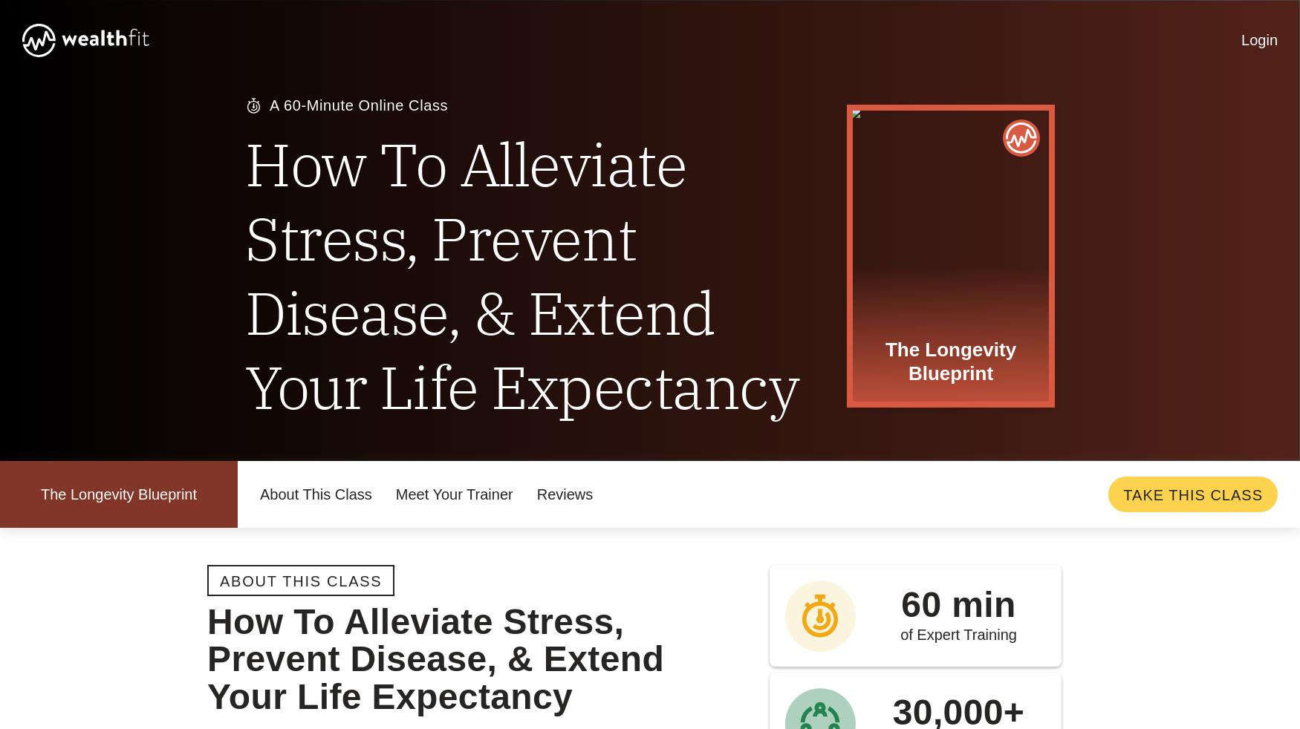  What do you see at coordinates (620, 137) in the screenshot?
I see `'What's included with Premium Membership?'` at bounding box center [620, 137].